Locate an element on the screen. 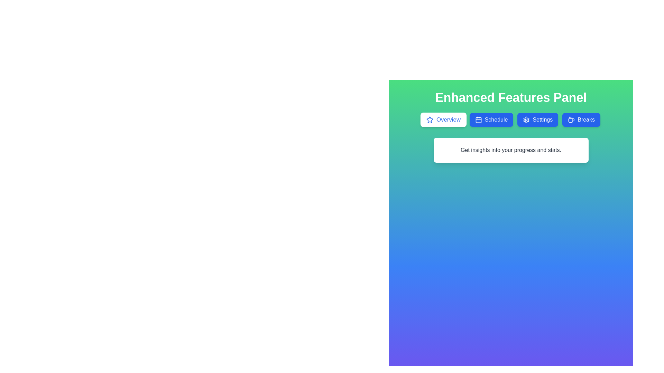  the 'Overview' button is located at coordinates (443, 119).